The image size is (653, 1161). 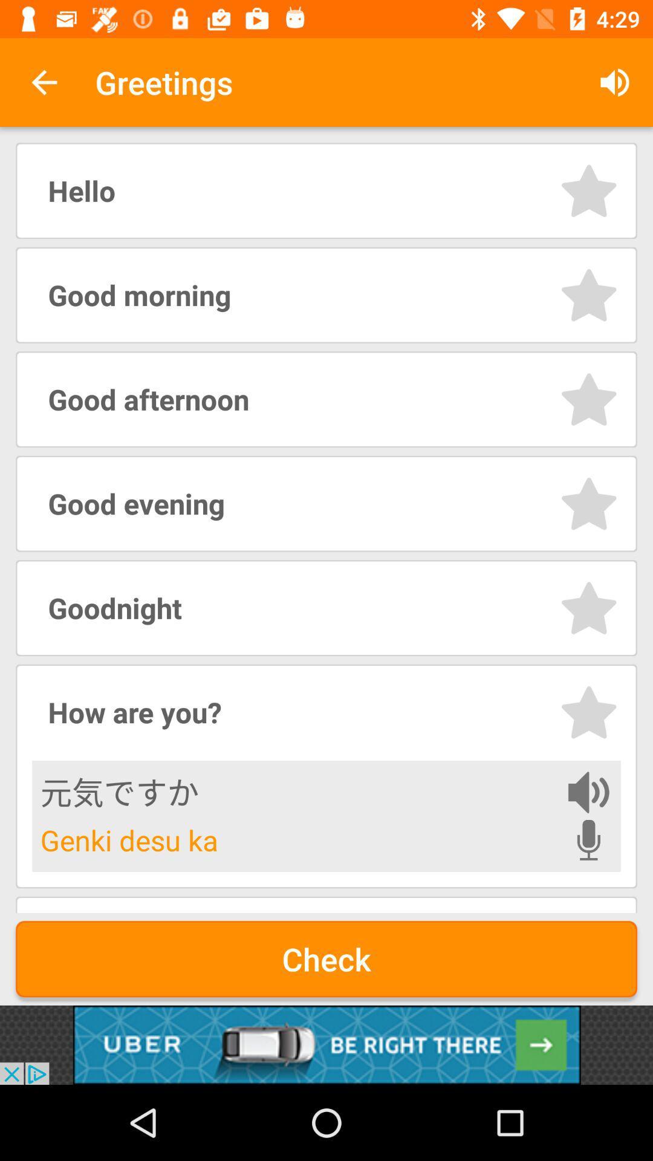 What do you see at coordinates (326, 1044) in the screenshot?
I see `open advertisement` at bounding box center [326, 1044].